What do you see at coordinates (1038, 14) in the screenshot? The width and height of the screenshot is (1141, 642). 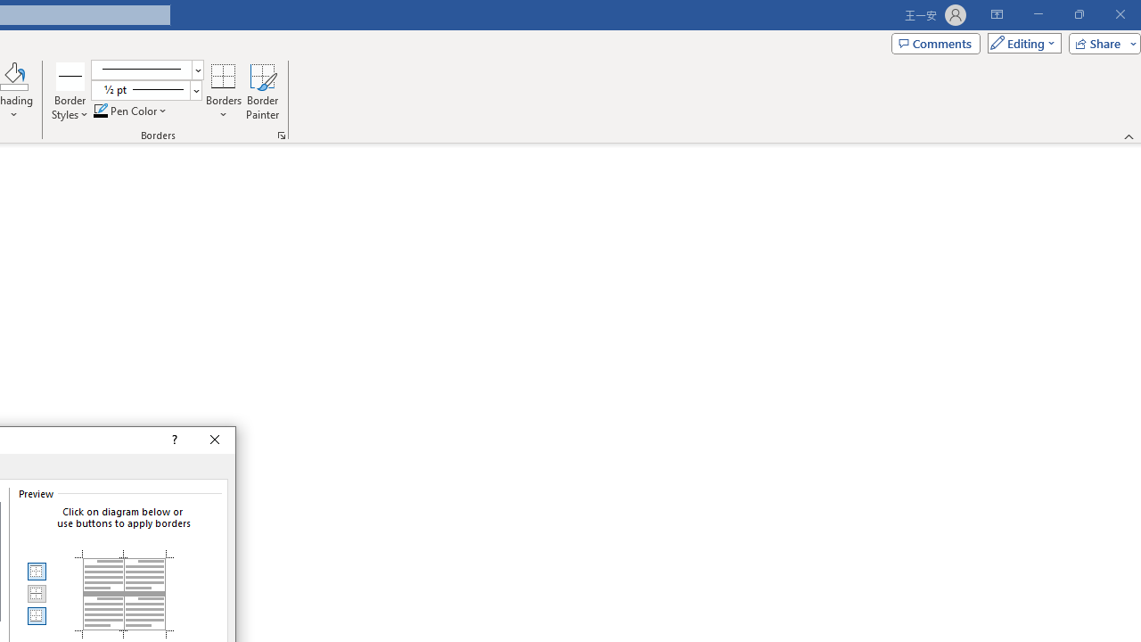 I see `'Minimize'` at bounding box center [1038, 14].